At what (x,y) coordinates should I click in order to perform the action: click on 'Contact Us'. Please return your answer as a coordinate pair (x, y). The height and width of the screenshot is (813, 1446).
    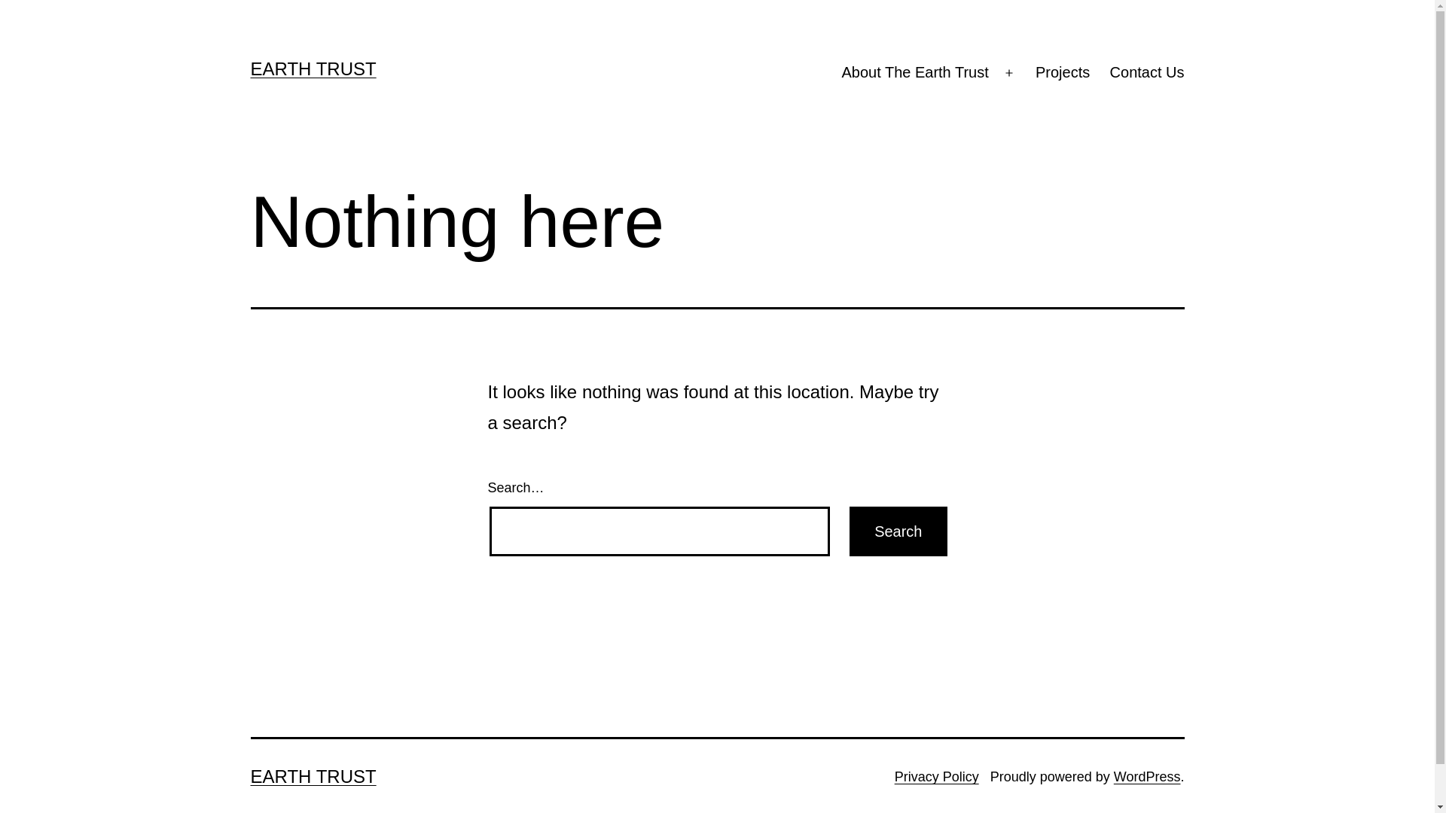
    Looking at the image, I should click on (1146, 72).